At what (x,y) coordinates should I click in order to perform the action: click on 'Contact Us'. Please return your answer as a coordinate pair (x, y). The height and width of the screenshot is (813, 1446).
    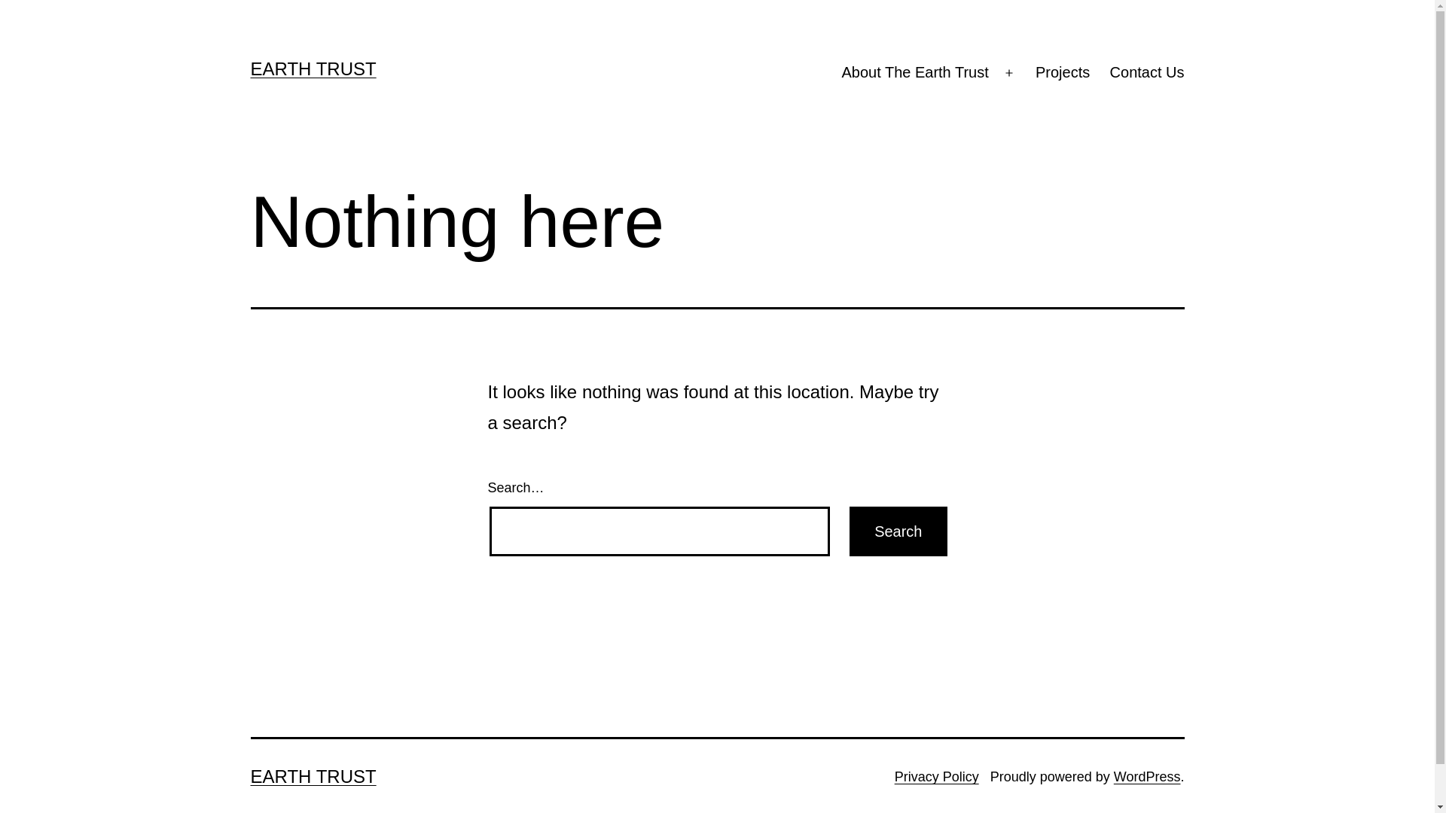
    Looking at the image, I should click on (1146, 72).